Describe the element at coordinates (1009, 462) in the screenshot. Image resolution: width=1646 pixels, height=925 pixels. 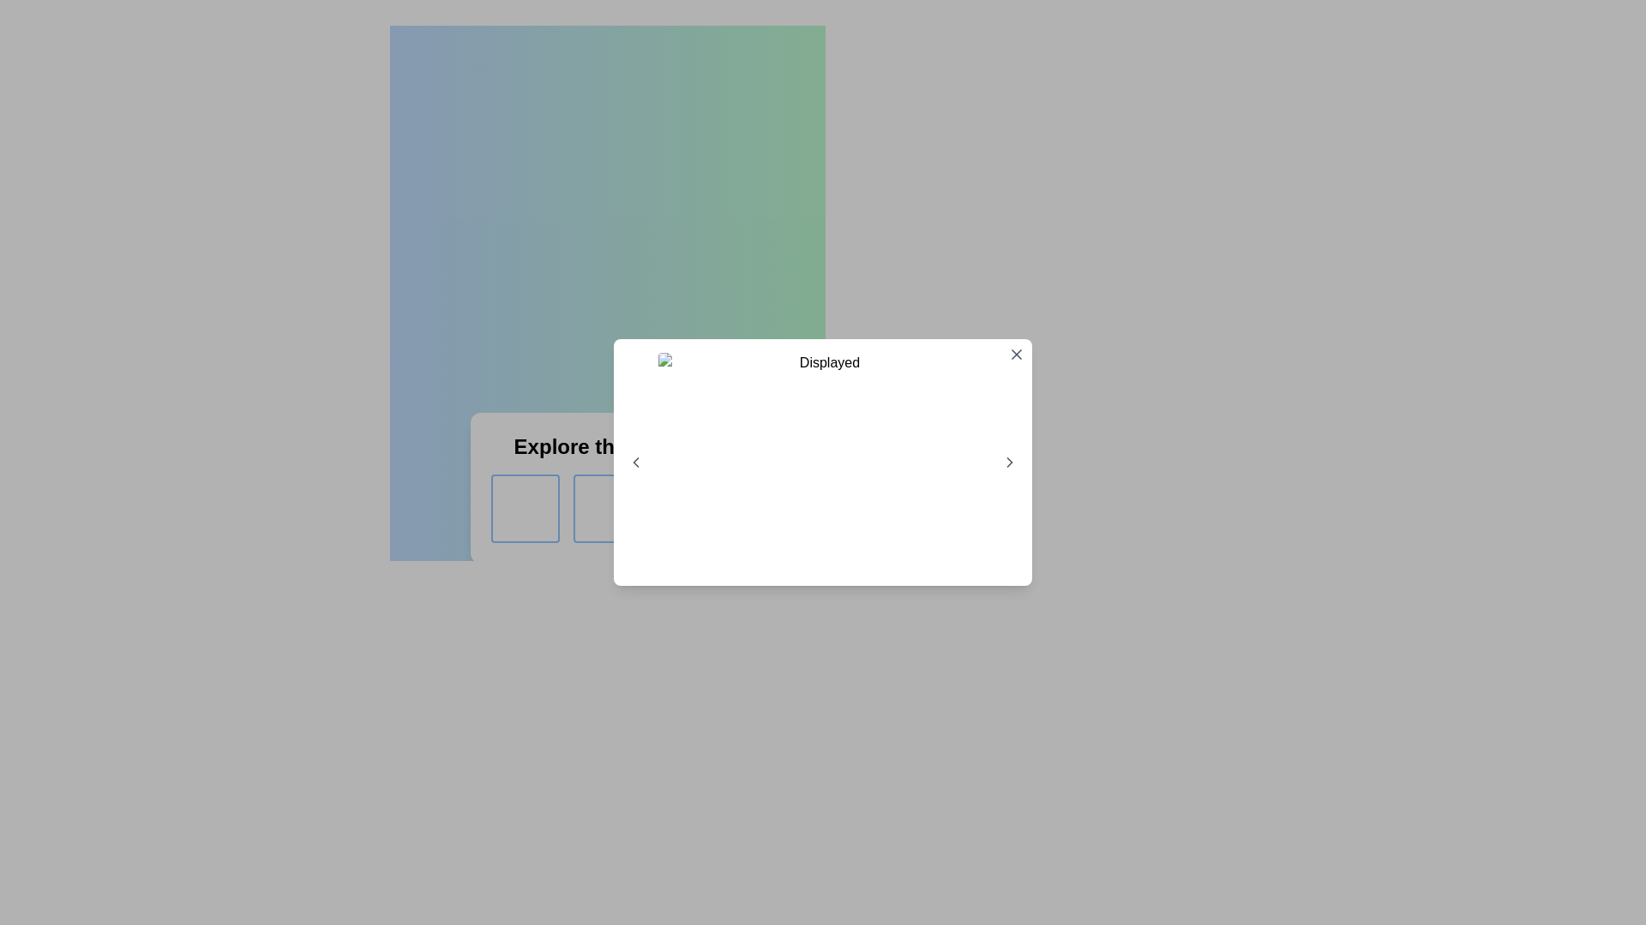
I see `the Chevron Arrow icon located in the top right quadrant of the modal dialog` at that location.